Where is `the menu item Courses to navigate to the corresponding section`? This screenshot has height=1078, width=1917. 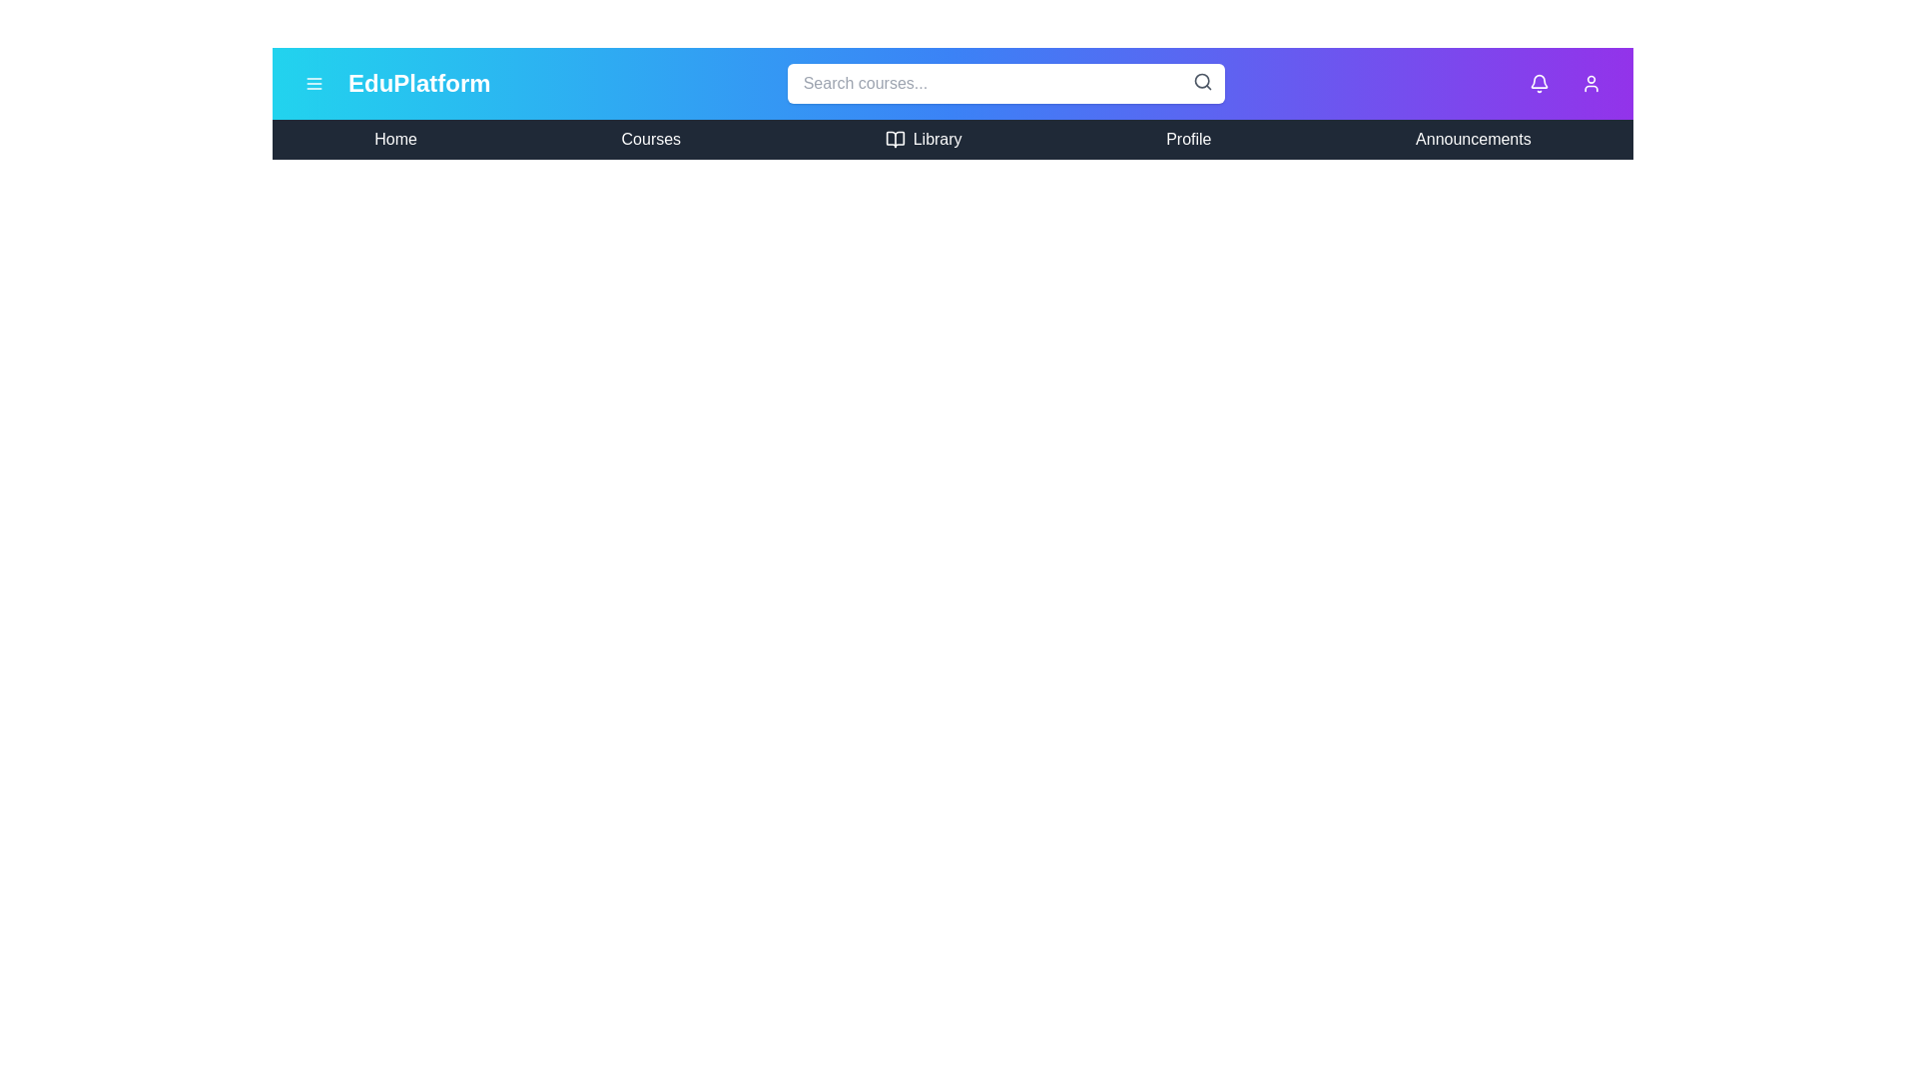
the menu item Courses to navigate to the corresponding section is located at coordinates (651, 138).